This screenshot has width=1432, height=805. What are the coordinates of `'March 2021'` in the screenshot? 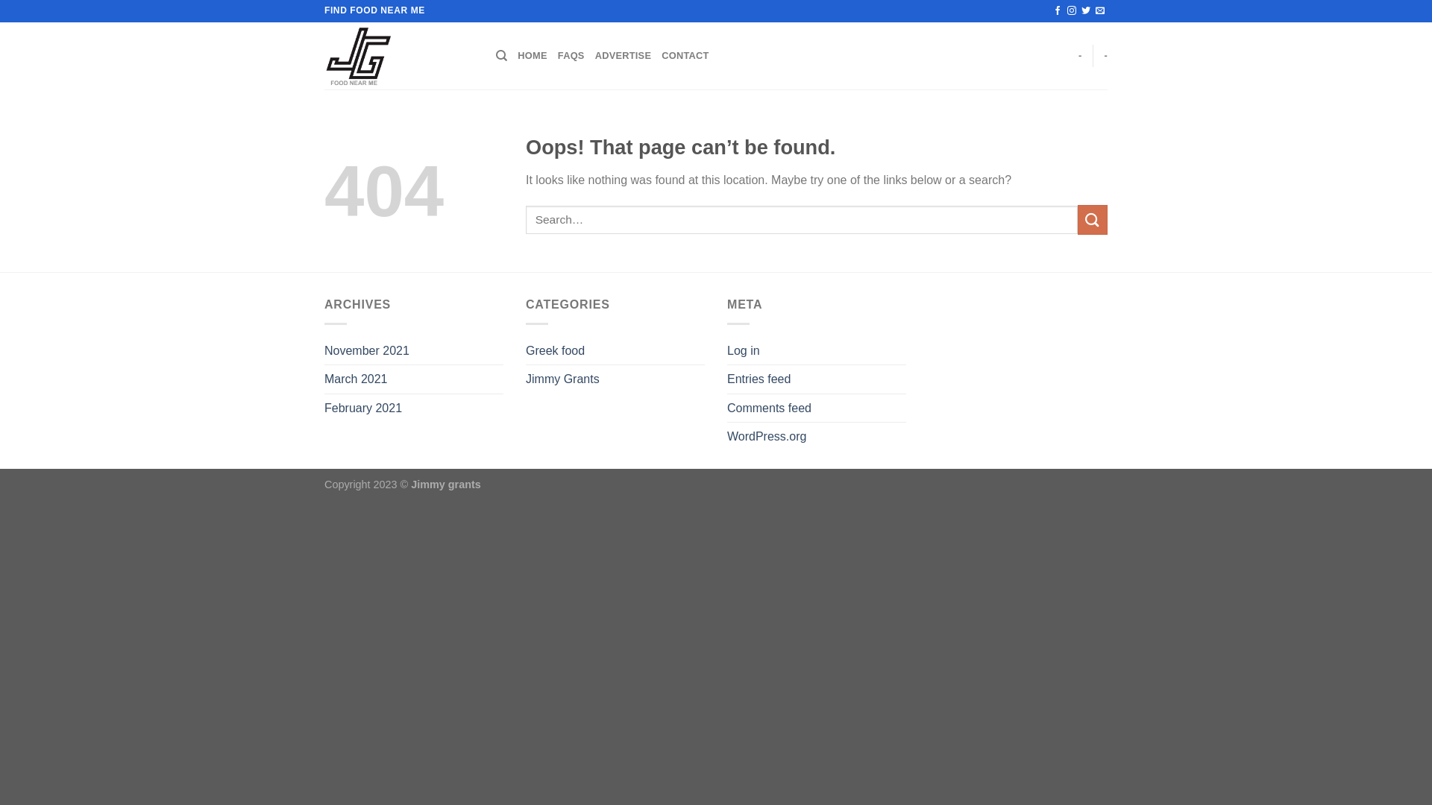 It's located at (355, 379).